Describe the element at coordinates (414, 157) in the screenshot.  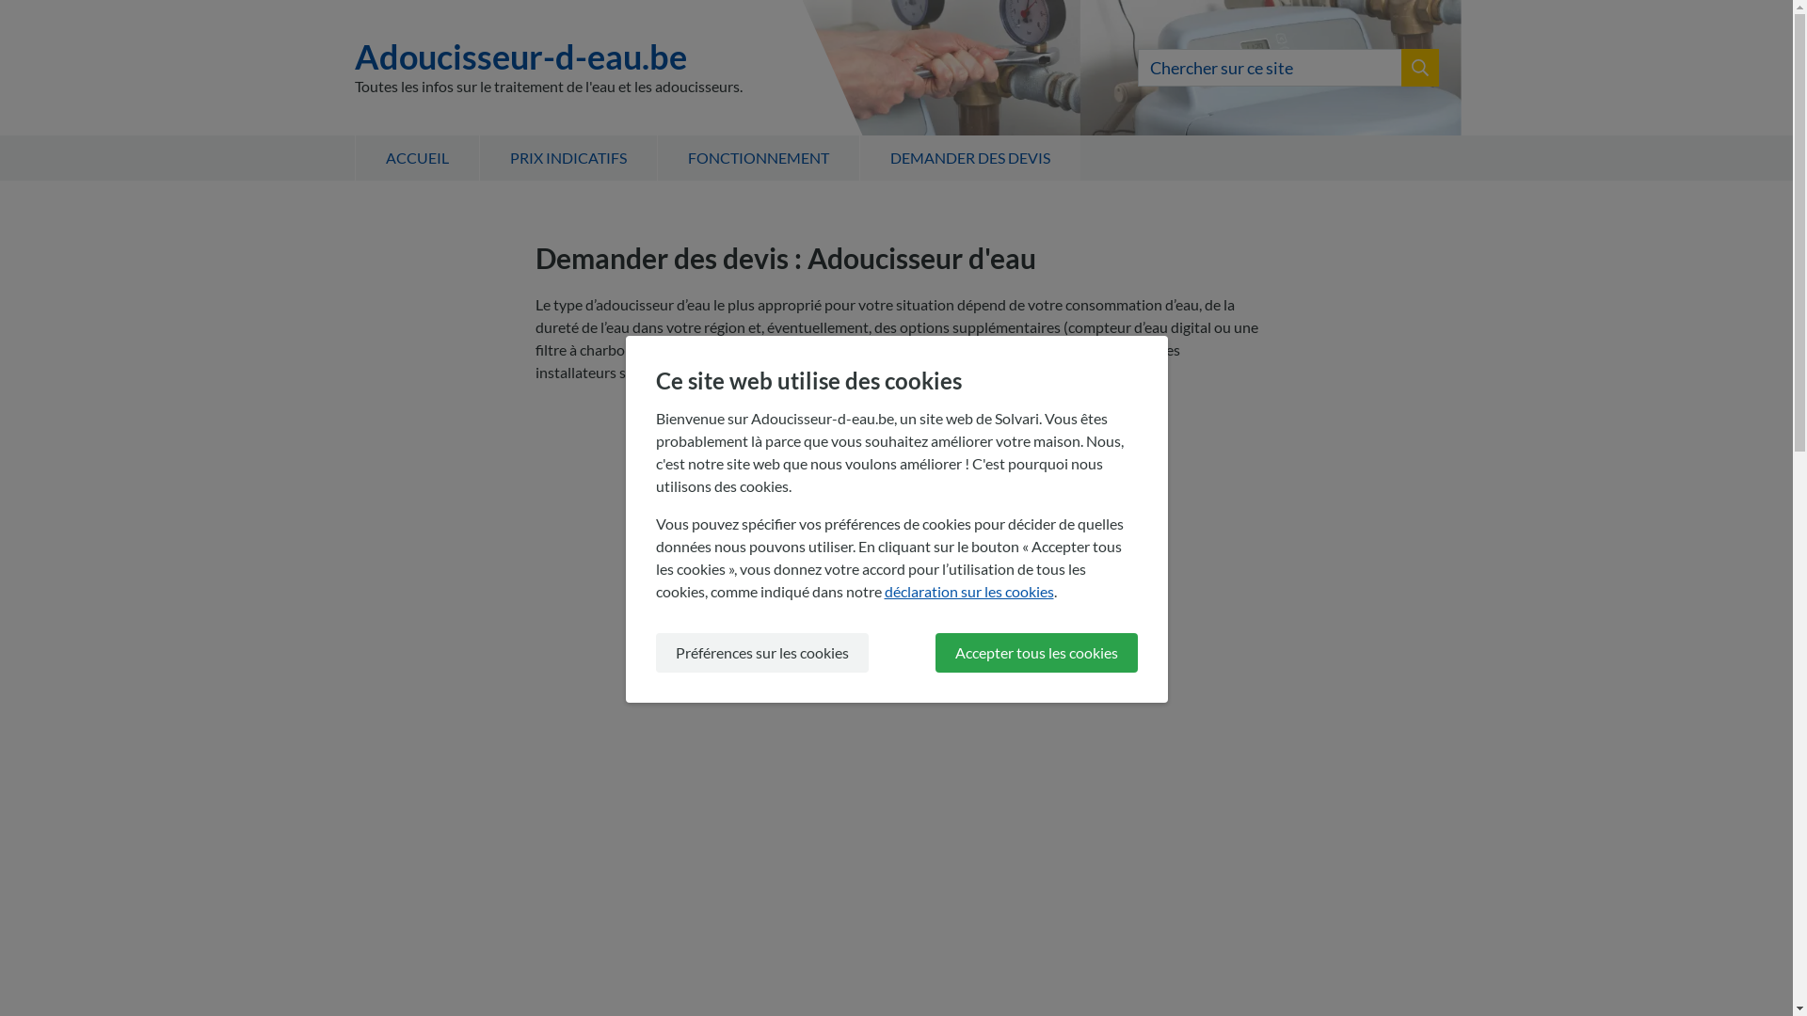
I see `'ACCUEIL'` at that location.